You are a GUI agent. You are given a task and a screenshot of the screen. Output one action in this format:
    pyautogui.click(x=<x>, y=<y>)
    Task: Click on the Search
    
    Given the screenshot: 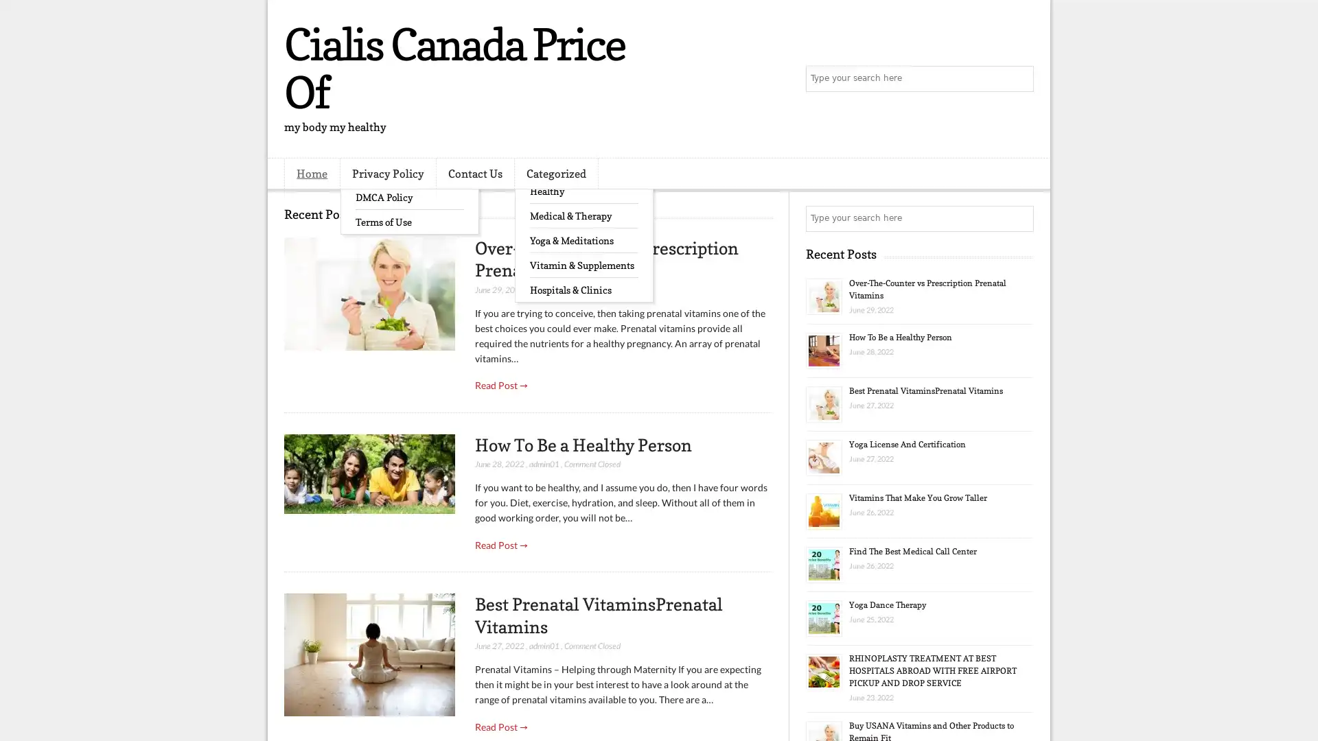 What is the action you would take?
    pyautogui.click(x=1019, y=218)
    